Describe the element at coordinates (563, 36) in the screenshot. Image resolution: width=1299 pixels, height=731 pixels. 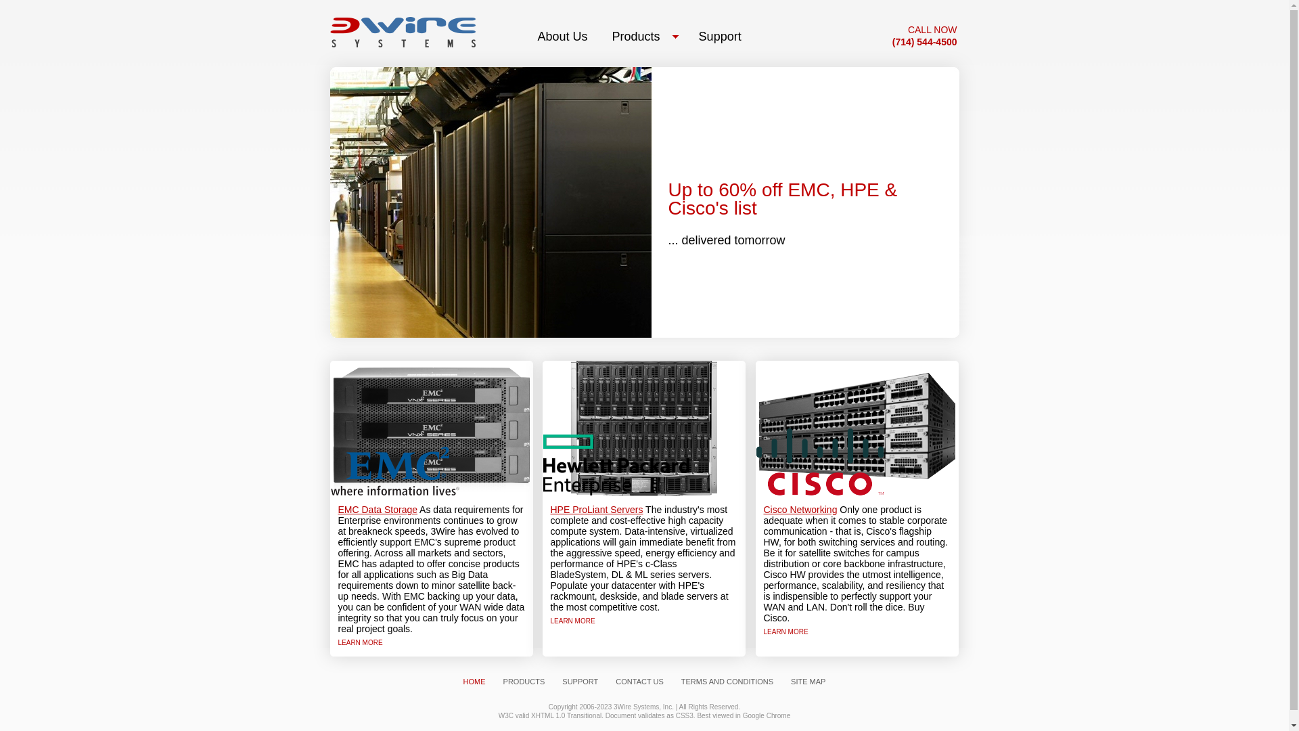
I see `' About Us '` at that location.